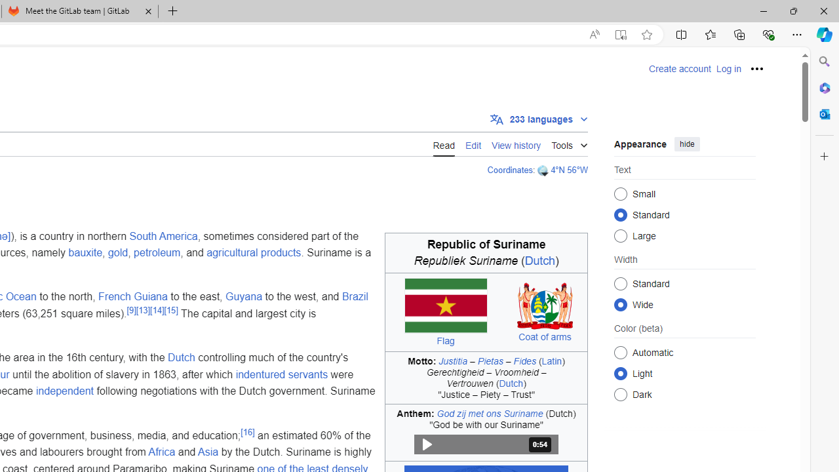 This screenshot has height=472, width=839. Describe the element at coordinates (486, 312) in the screenshot. I see `'Flag of Suriname Flag Coat of arms of Suriname Coat of arms'` at that location.